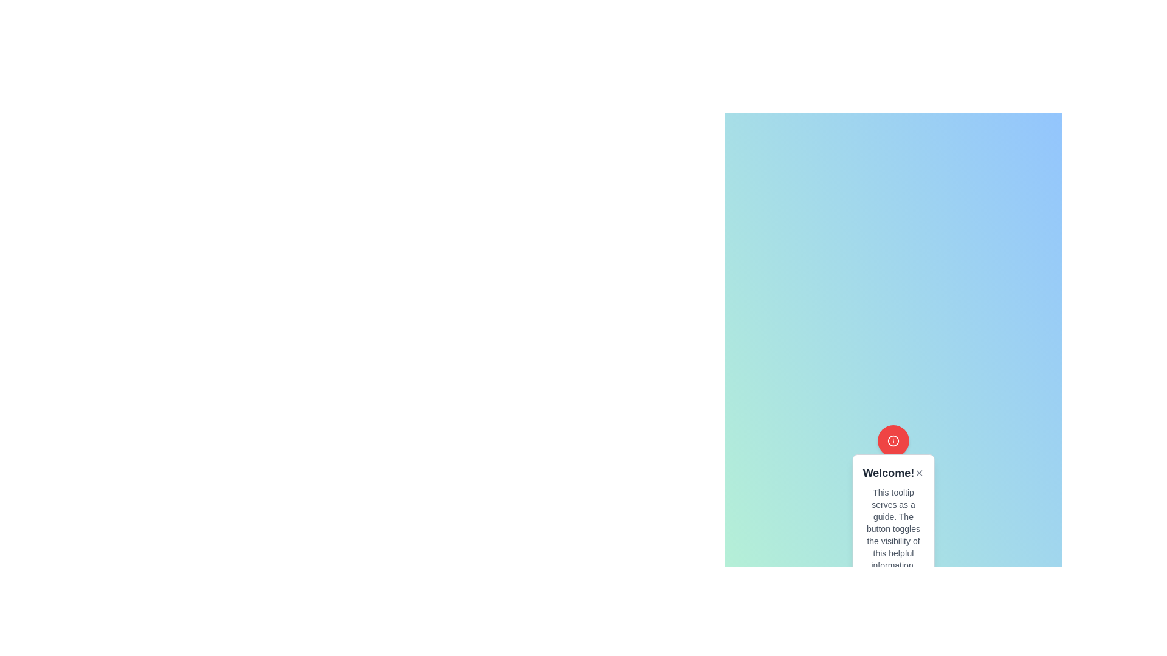 This screenshot has width=1167, height=656. Describe the element at coordinates (893, 528) in the screenshot. I see `the explanatory text block located directly below the heading 'Welcome!' in the tooltip to read its guidance information` at that location.